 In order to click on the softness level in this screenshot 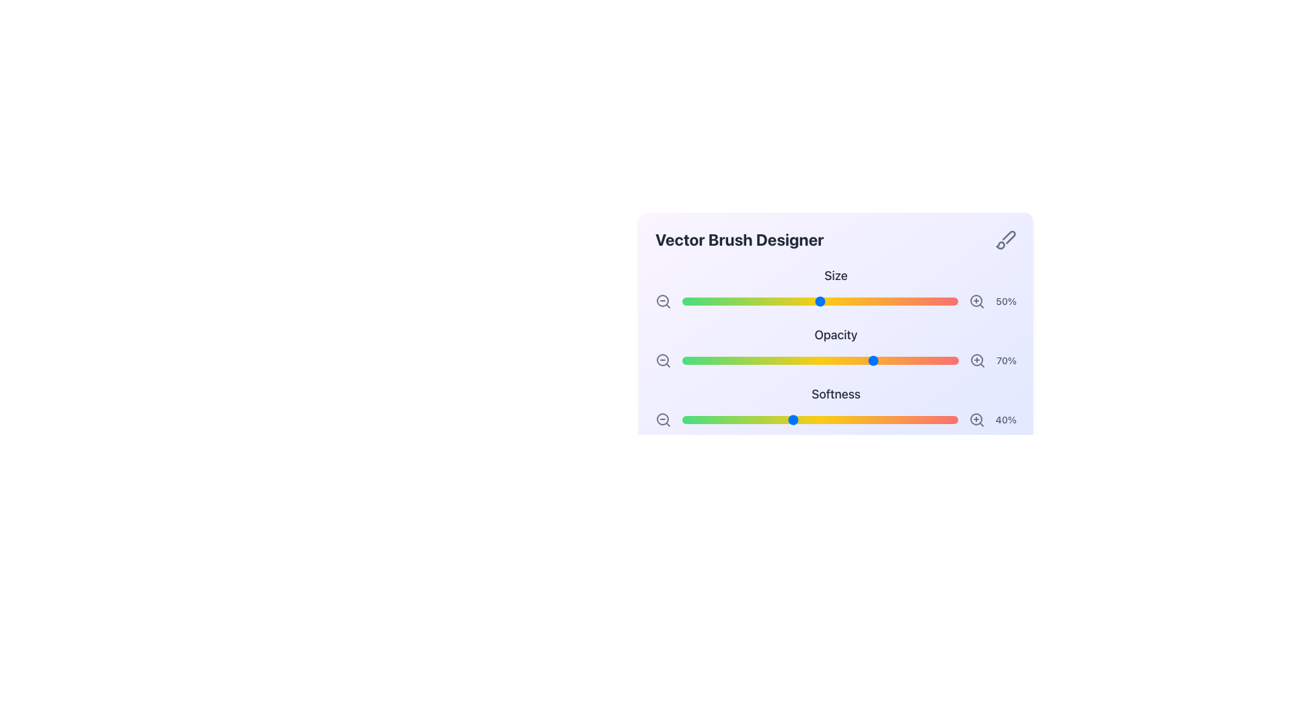, I will do `click(706, 419)`.